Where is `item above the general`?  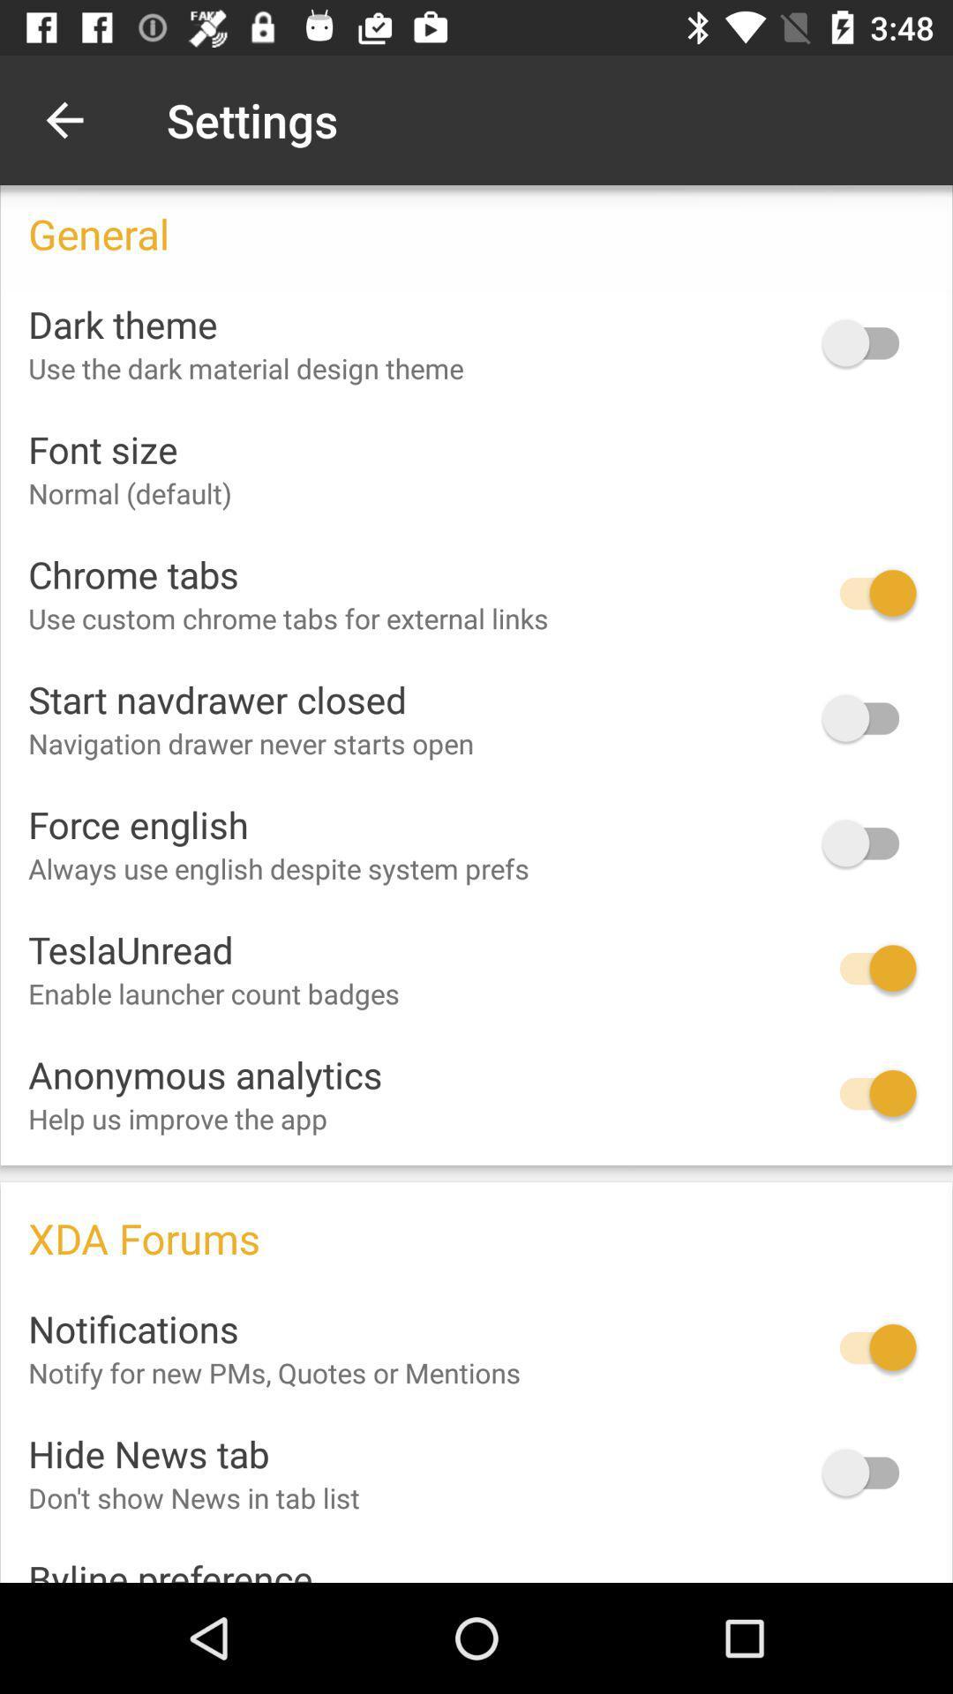 item above the general is located at coordinates (64, 119).